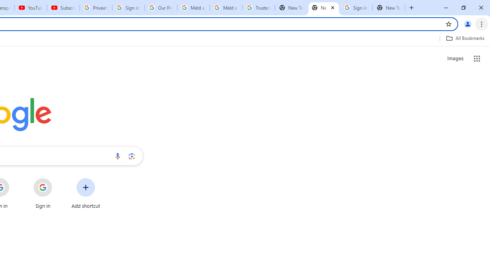  I want to click on 'Add shortcut', so click(86, 193).